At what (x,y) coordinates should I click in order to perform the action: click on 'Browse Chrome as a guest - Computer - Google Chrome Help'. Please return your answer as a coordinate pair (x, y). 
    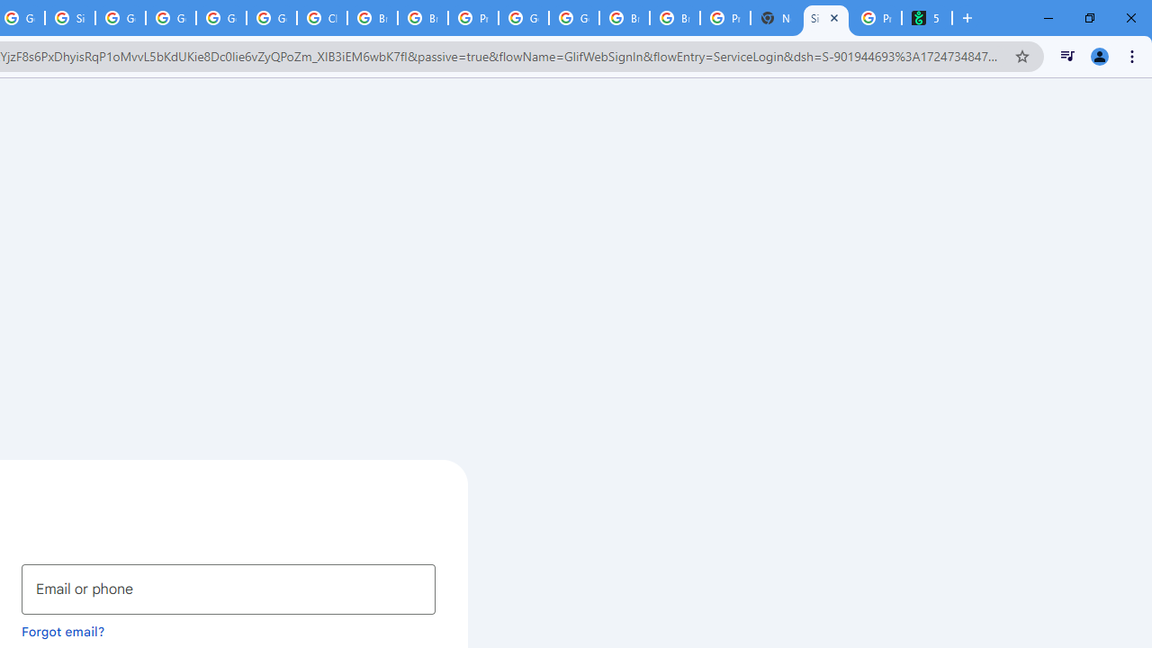
    Looking at the image, I should click on (372, 18).